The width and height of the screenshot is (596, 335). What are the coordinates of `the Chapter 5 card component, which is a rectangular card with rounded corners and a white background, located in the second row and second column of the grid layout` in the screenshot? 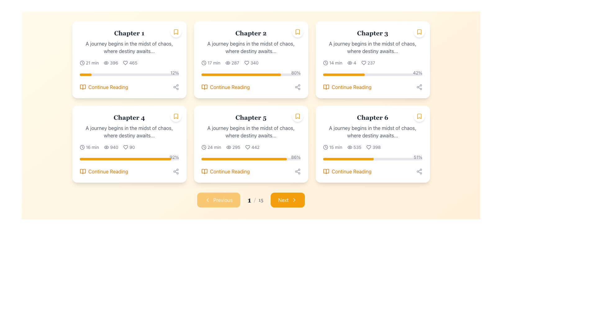 It's located at (251, 144).